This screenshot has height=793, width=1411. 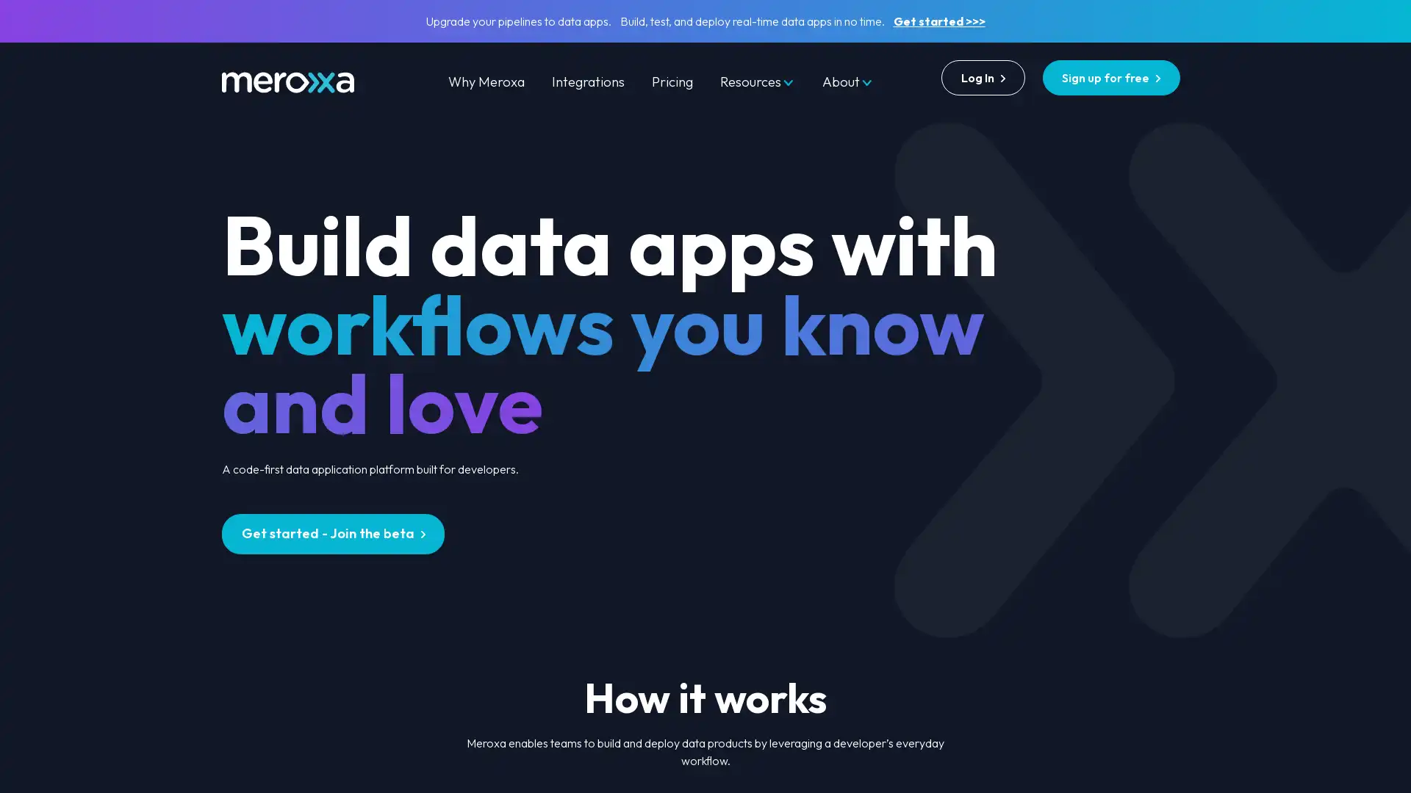 I want to click on Resources, so click(x=757, y=82).